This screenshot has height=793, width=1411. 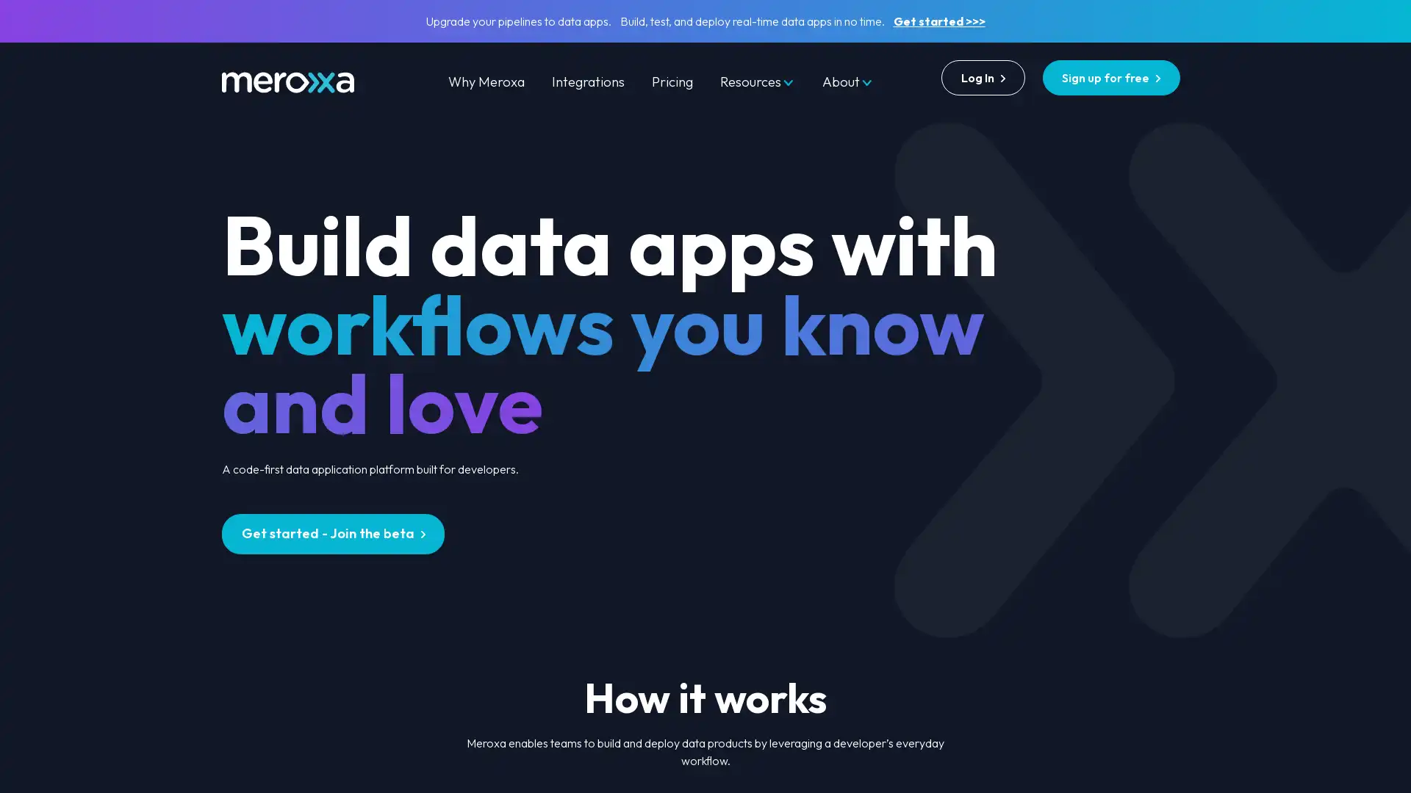 I want to click on Resources, so click(x=757, y=82).